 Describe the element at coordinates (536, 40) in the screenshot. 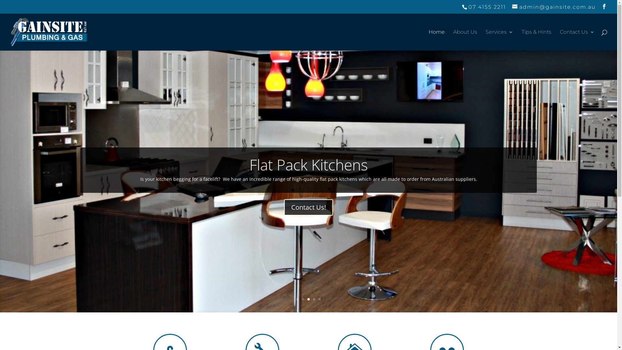

I see `'Tips & Hints'` at that location.